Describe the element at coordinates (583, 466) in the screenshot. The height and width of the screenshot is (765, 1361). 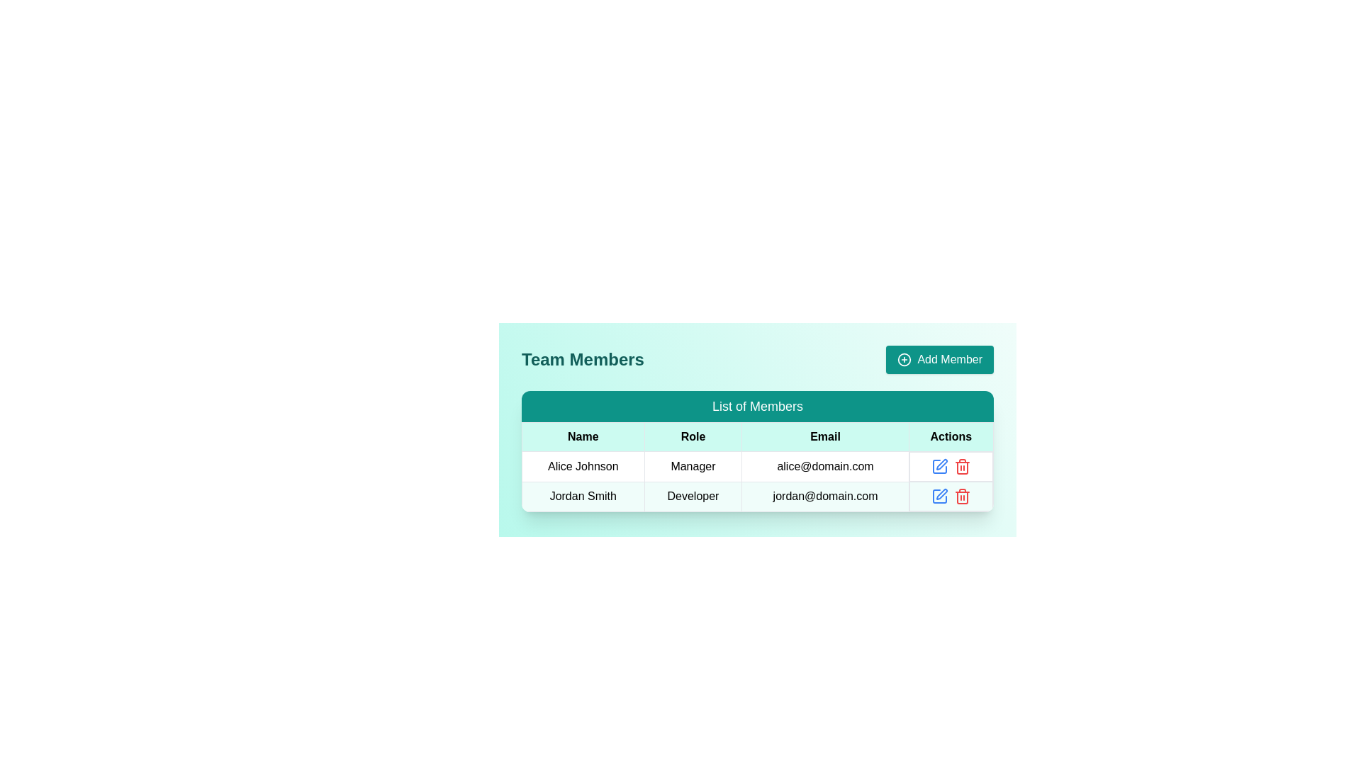
I see `the text label in the first cell of the 'List of Members' table that displays the name 'Alice Johnson'` at that location.